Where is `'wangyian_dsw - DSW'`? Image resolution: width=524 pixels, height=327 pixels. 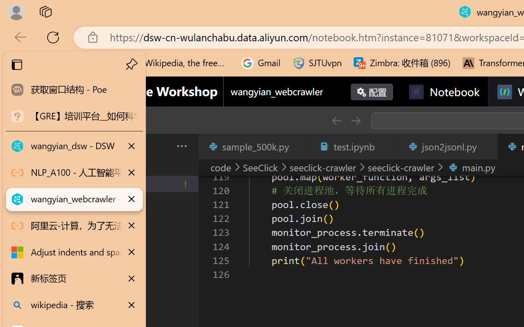
'wangyian_dsw - DSW' is located at coordinates (74, 146).